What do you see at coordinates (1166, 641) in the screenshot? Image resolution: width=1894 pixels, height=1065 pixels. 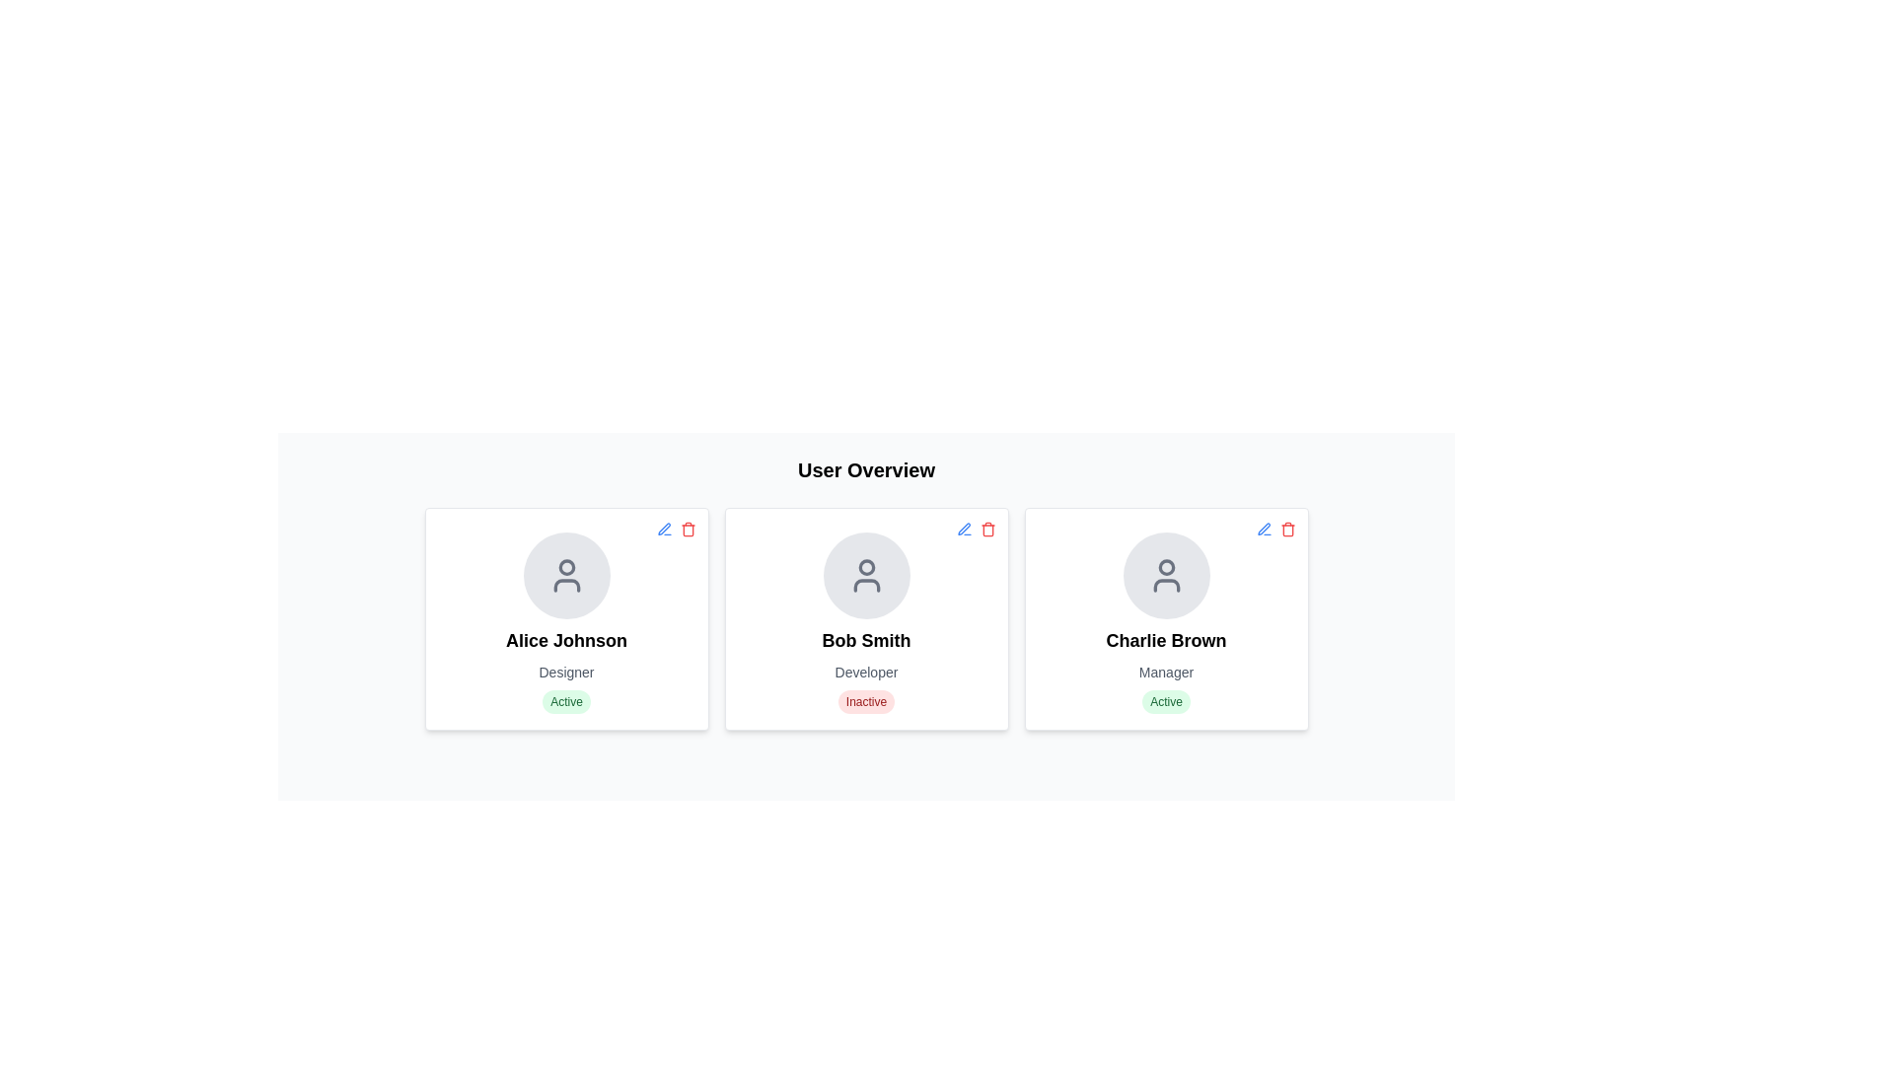 I see `the static text label displaying 'Charlie Brown', which is centrally aligned and prominently styled, located below the avatar icon in the rightmost card of a three-card layout` at bounding box center [1166, 641].